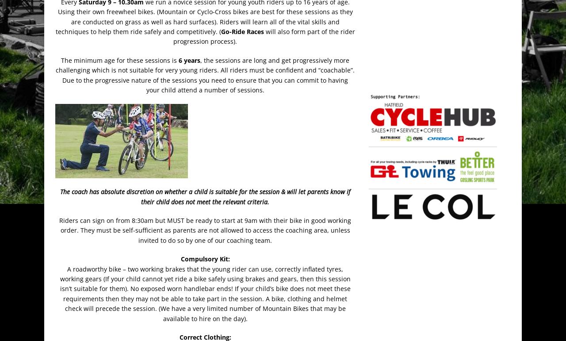 The width and height of the screenshot is (566, 341). Describe the element at coordinates (55, 65) in the screenshot. I see `', the sessions are long and get progressively more challenging which is not suitable for very young riders. All riders must be confident and “coachable”.'` at that location.